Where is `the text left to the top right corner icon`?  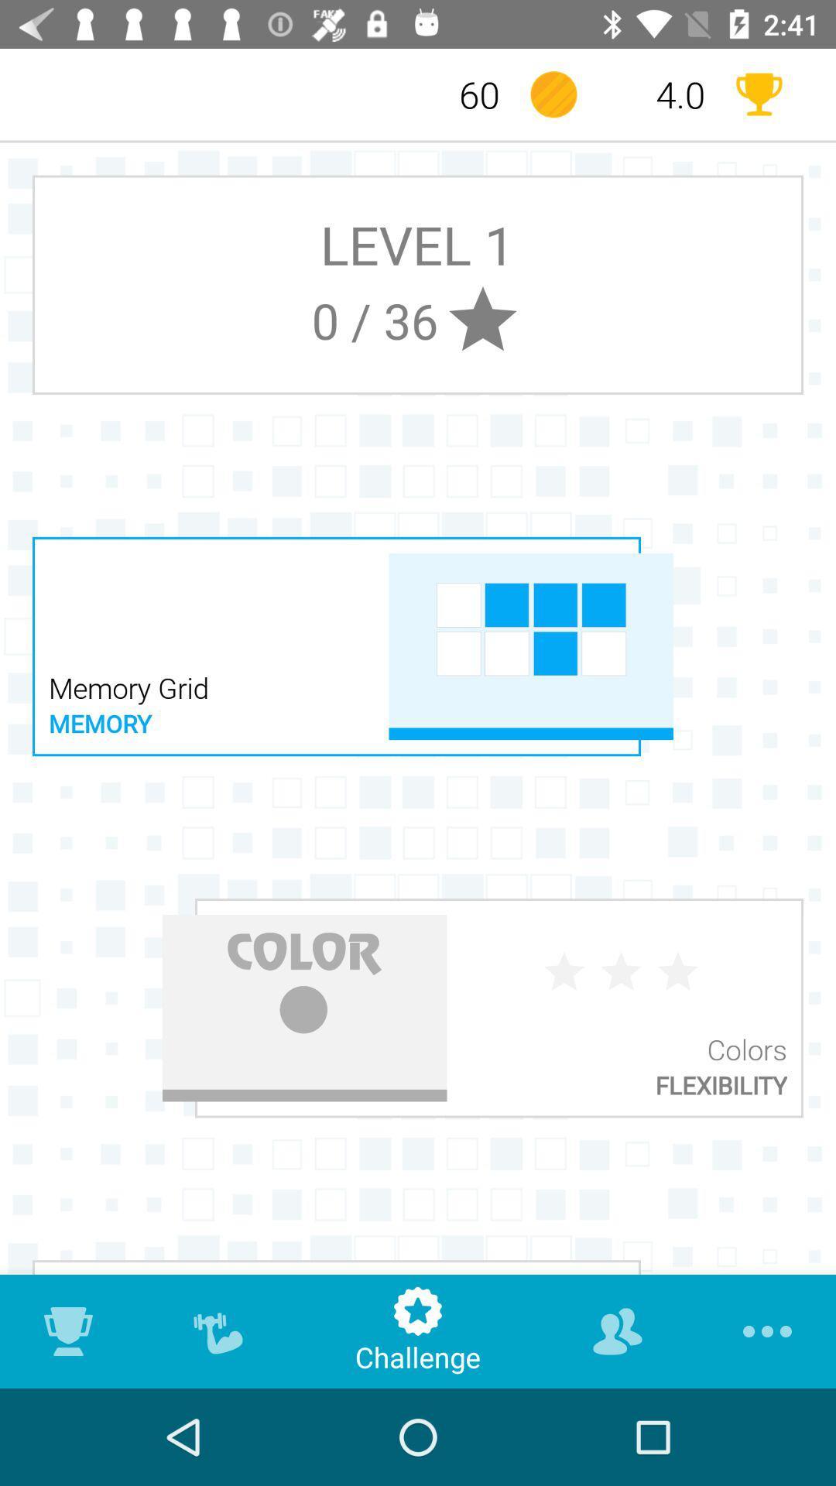 the text left to the top right corner icon is located at coordinates (656, 94).